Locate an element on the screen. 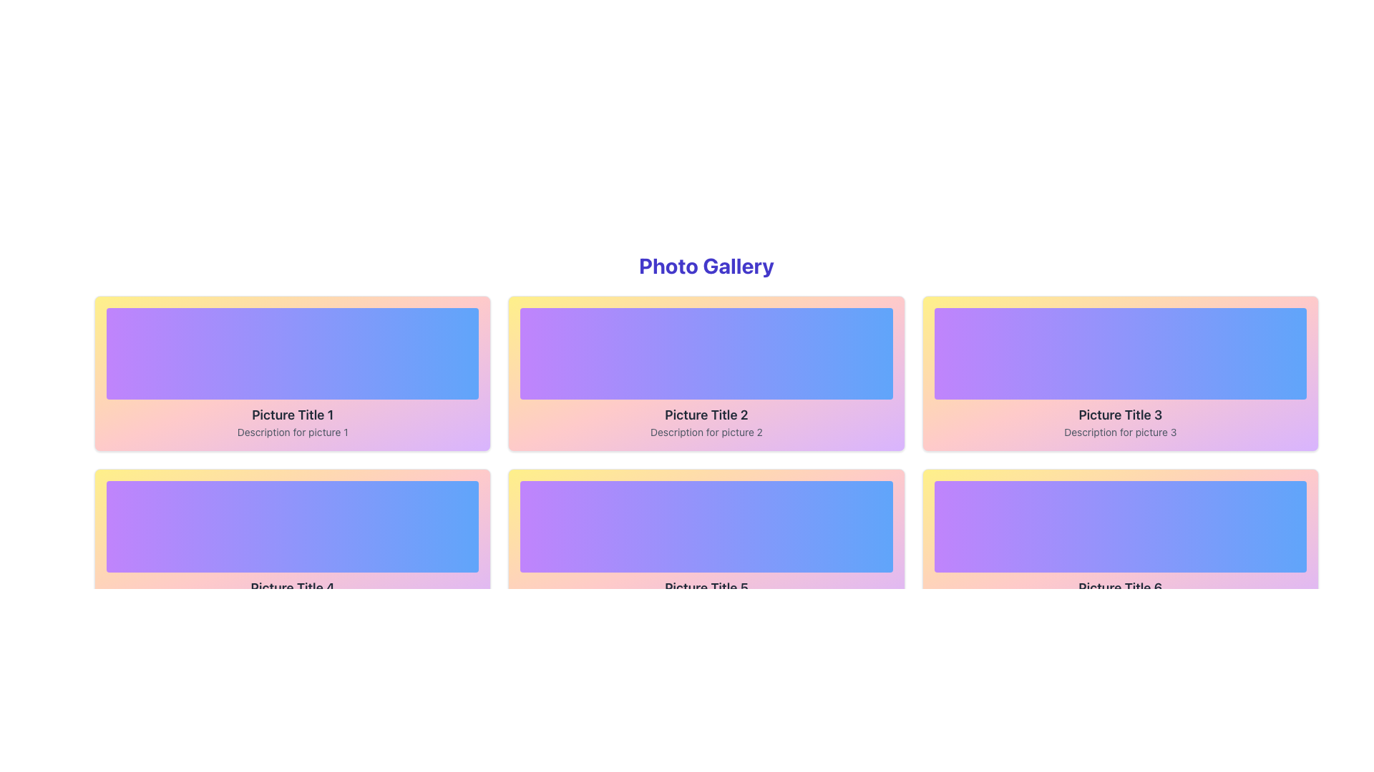 Image resolution: width=1374 pixels, height=772 pixels. the Decorative Box, a rectangular gradient-filled box transitioning from purple to blue, located in the bottom-right corner of a 2x3 grid structure and associated with 'Picture Title 6' is located at coordinates (1119, 526).